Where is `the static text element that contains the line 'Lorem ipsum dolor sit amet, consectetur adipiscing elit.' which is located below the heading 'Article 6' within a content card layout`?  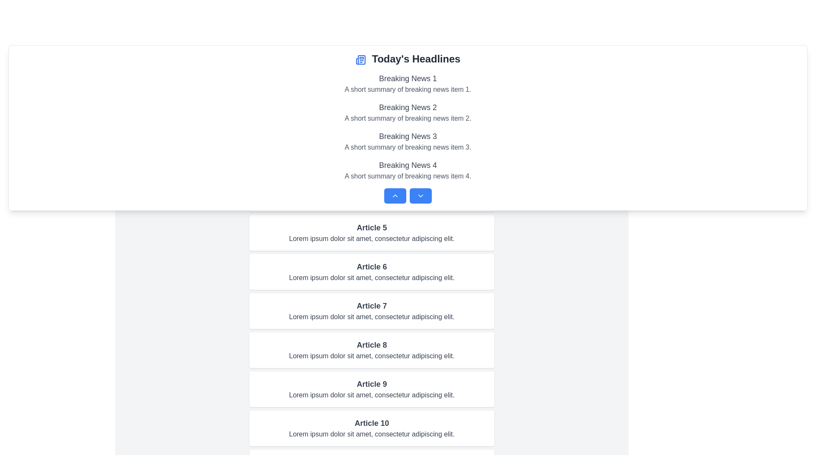
the static text element that contains the line 'Lorem ipsum dolor sit amet, consectetur adipiscing elit.' which is located below the heading 'Article 6' within a content card layout is located at coordinates (371, 278).